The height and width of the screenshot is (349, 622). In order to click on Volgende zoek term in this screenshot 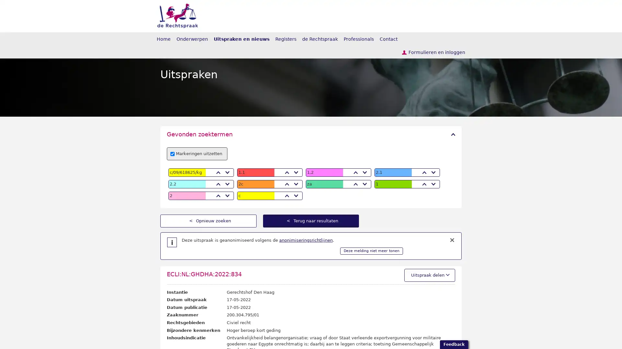, I will do `click(227, 195)`.